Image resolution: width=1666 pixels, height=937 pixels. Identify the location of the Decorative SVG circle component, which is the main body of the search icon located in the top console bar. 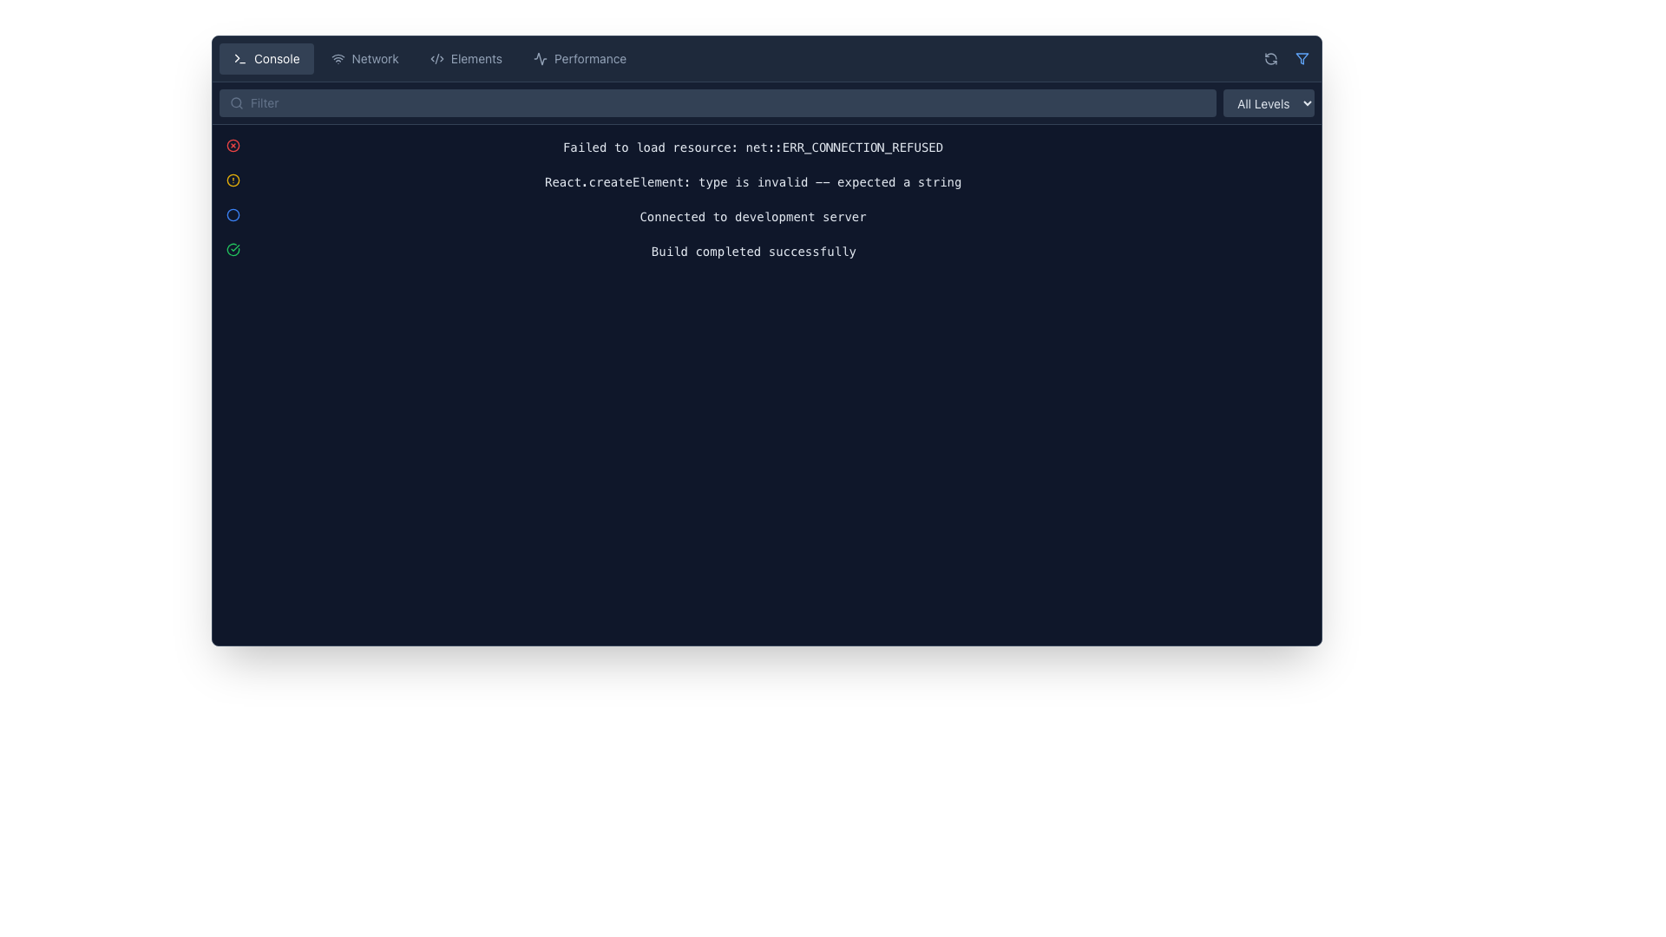
(235, 102).